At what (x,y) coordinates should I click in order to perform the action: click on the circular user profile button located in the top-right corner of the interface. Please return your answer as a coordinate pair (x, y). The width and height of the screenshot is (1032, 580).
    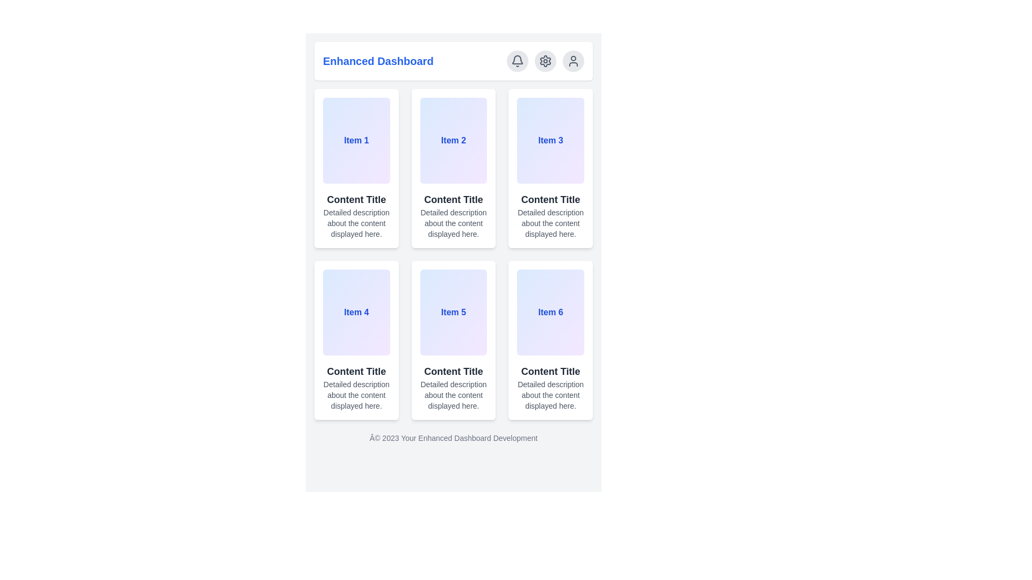
    Looking at the image, I should click on (572, 61).